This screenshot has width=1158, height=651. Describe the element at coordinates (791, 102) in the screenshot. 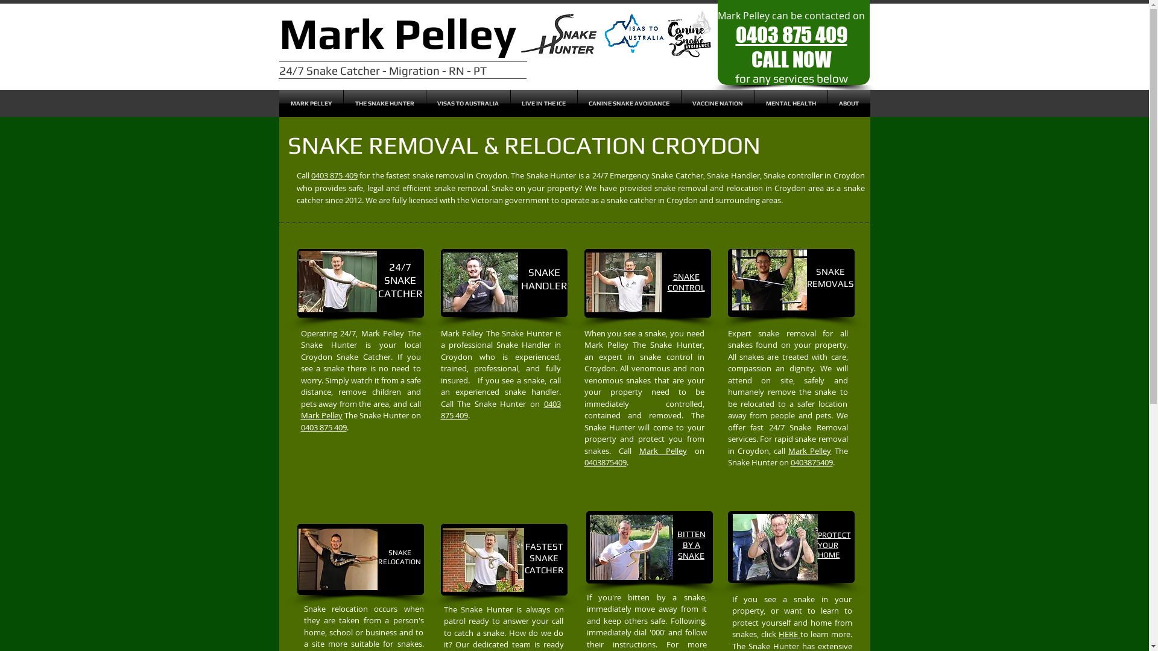

I see `'MENTAL HEALTH'` at that location.